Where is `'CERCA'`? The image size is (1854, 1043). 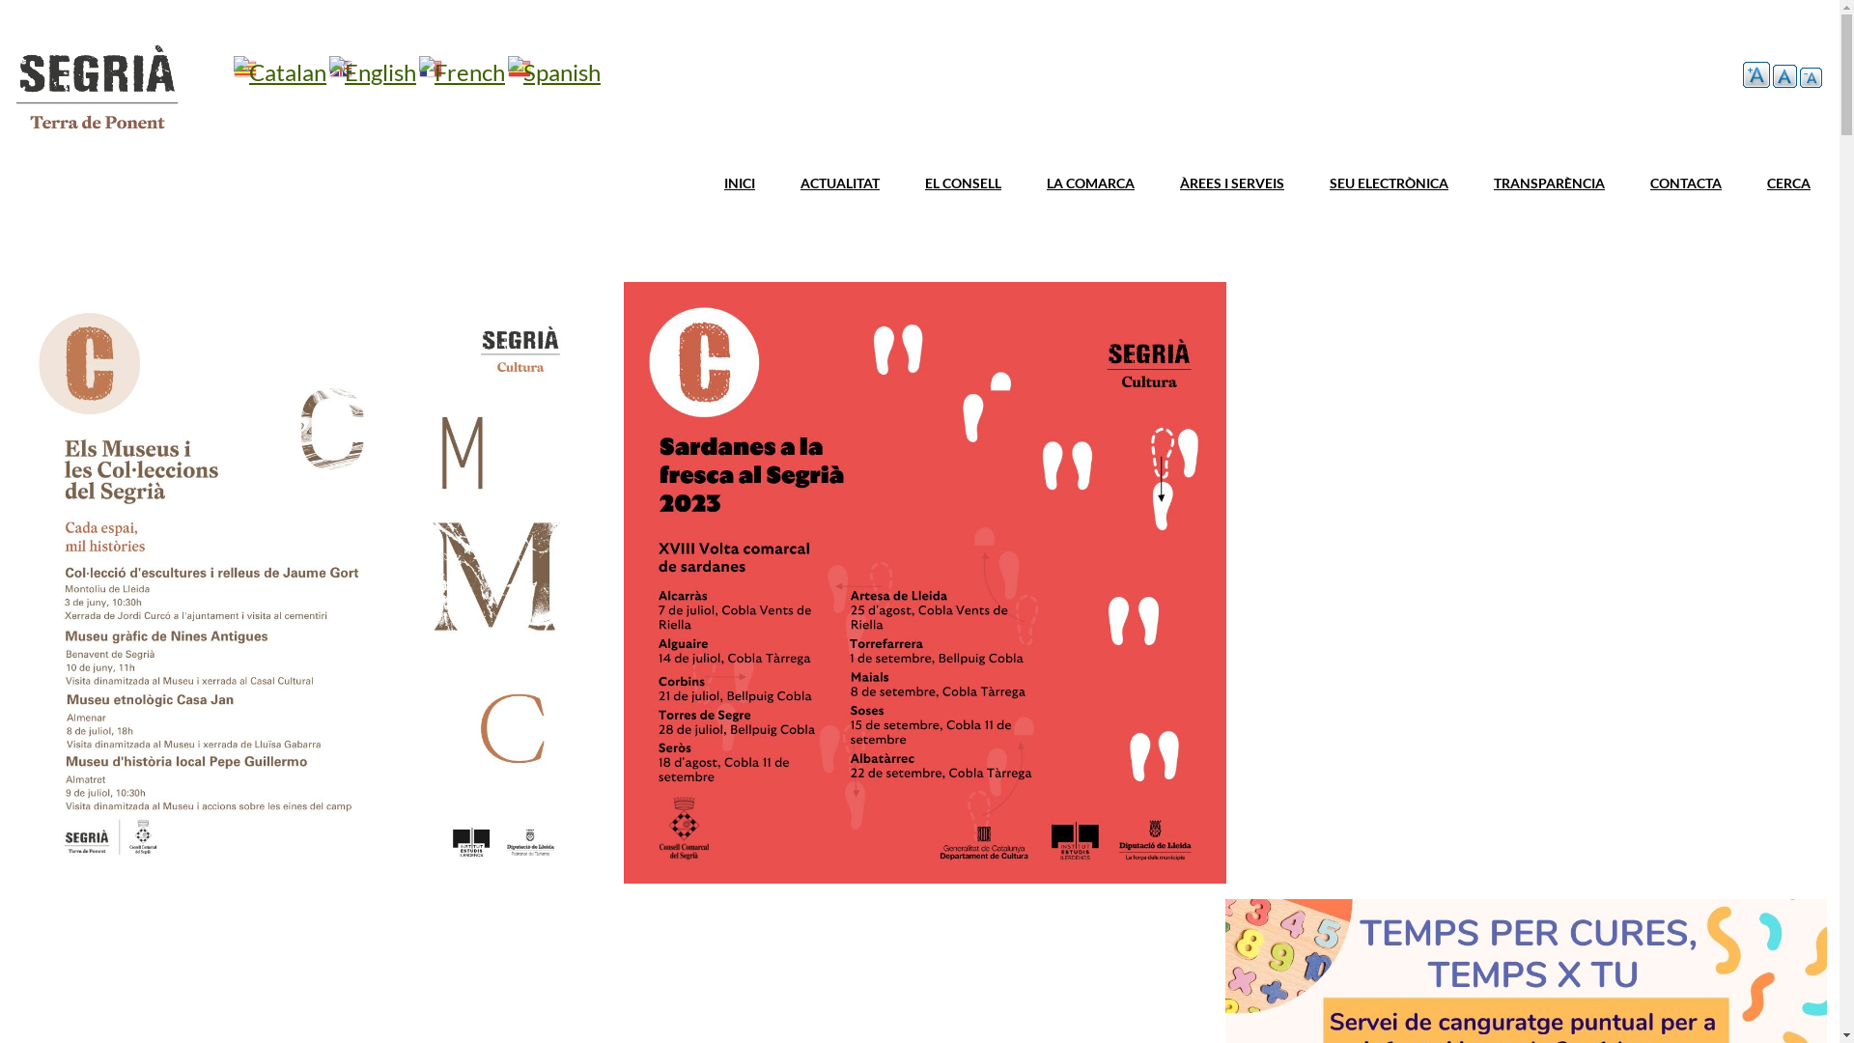
'CERCA' is located at coordinates (1787, 183).